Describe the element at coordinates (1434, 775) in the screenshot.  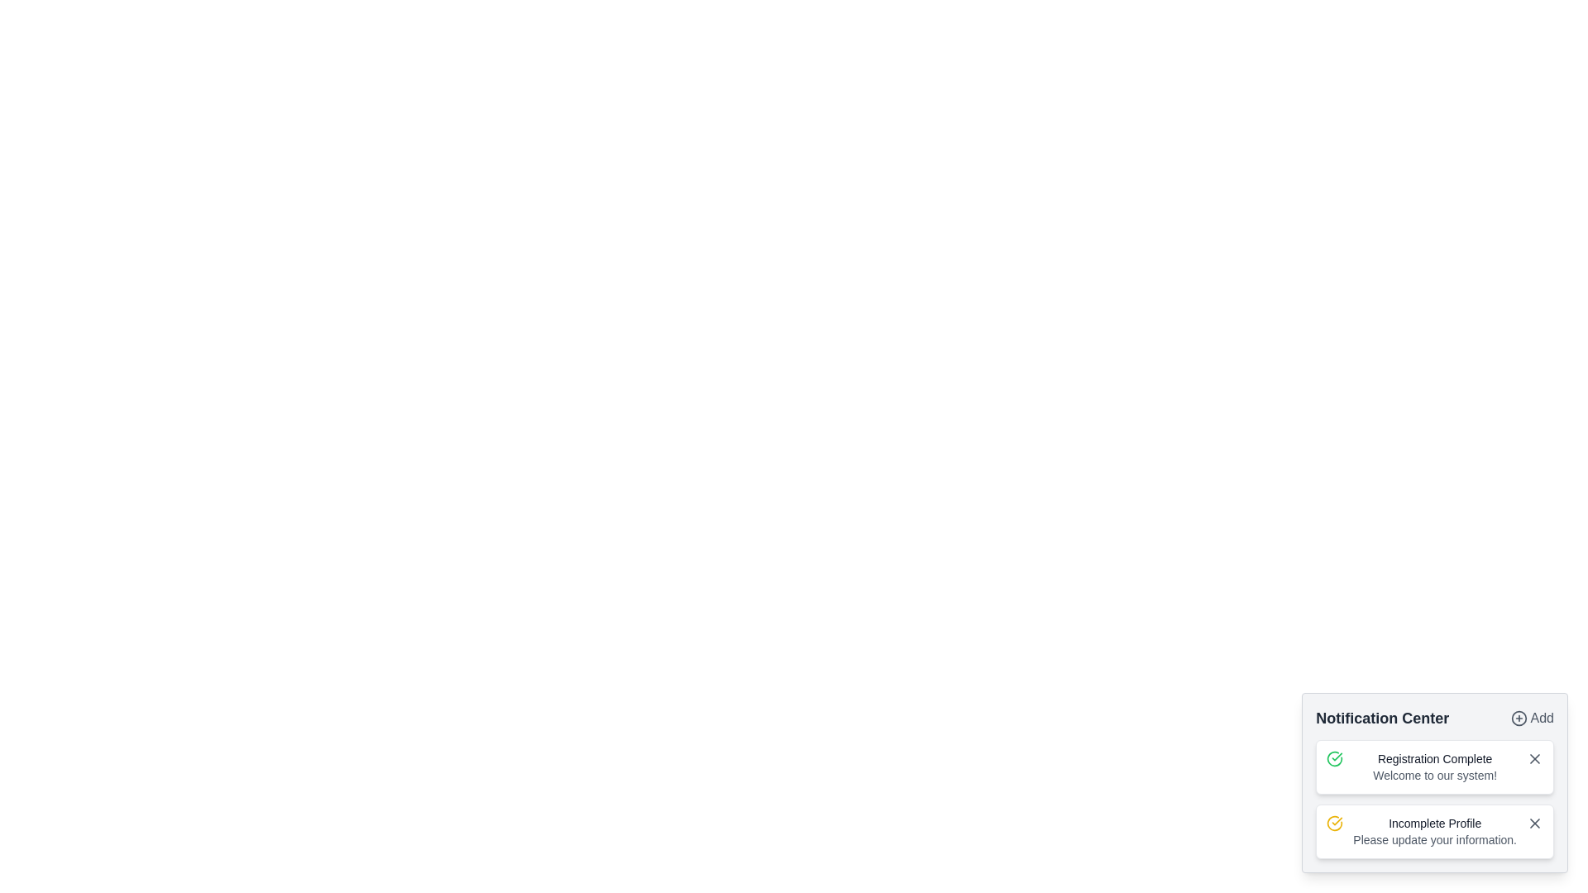
I see `the welcoming message text label located in the Notification Center, which is the second line of text beneath 'Registration Complete'` at that location.